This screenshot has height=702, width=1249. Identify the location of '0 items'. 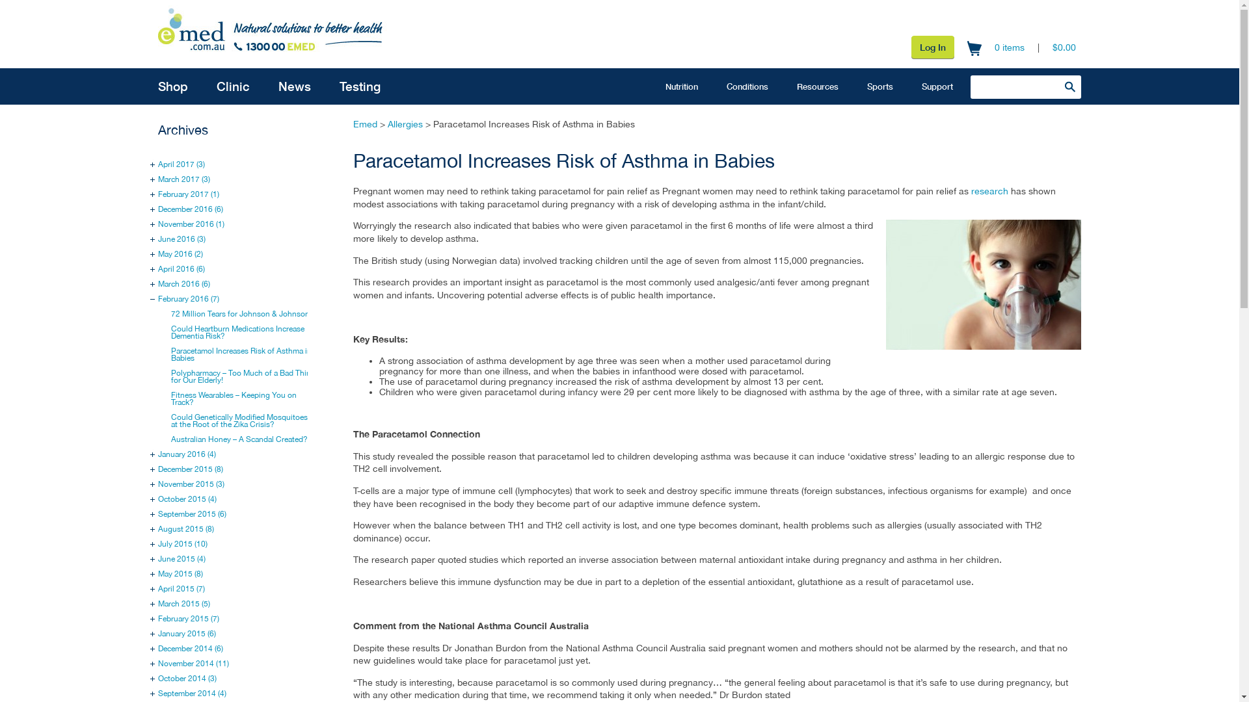
(994, 47).